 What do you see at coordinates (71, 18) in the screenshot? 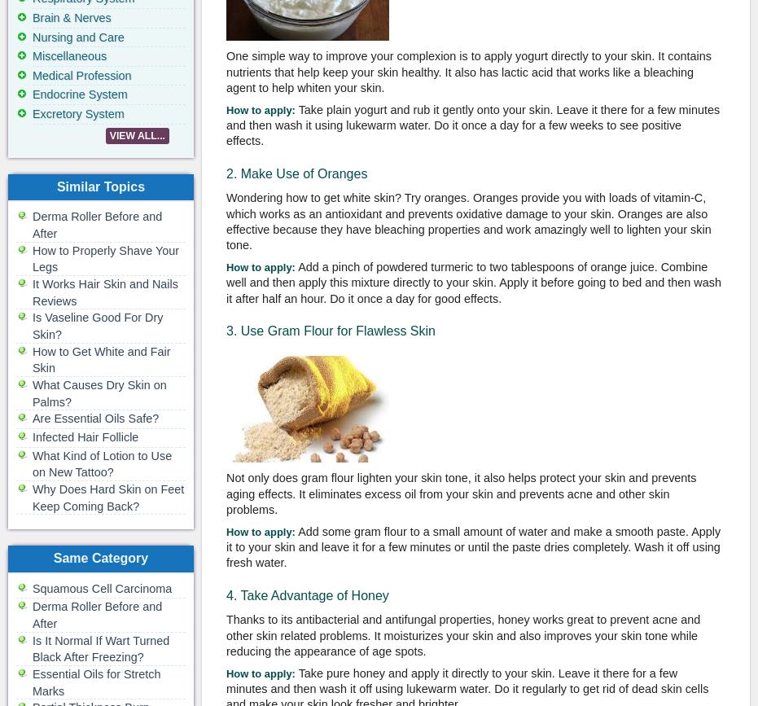
I see `'Brain & Nerves'` at bounding box center [71, 18].